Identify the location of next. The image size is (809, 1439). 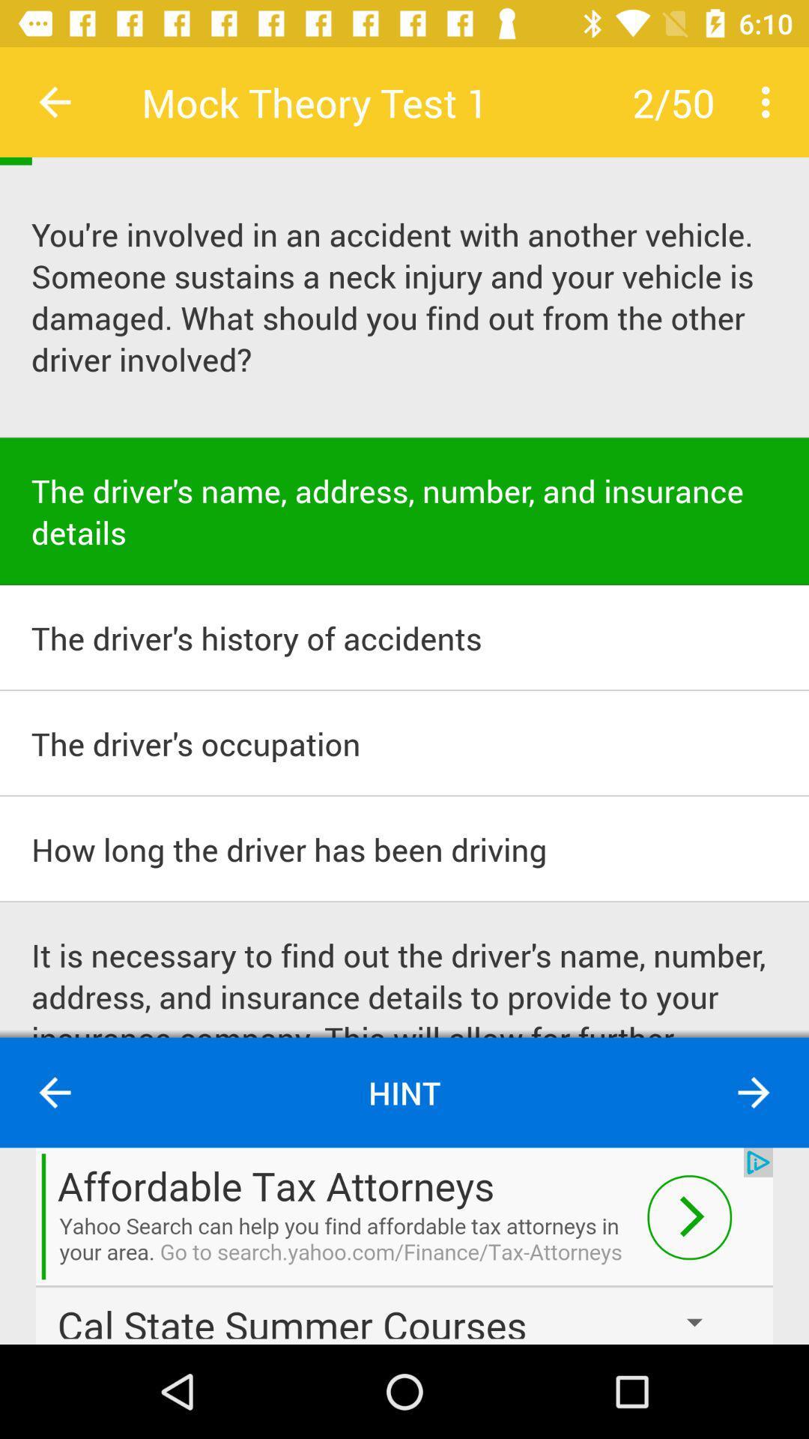
(404, 1246).